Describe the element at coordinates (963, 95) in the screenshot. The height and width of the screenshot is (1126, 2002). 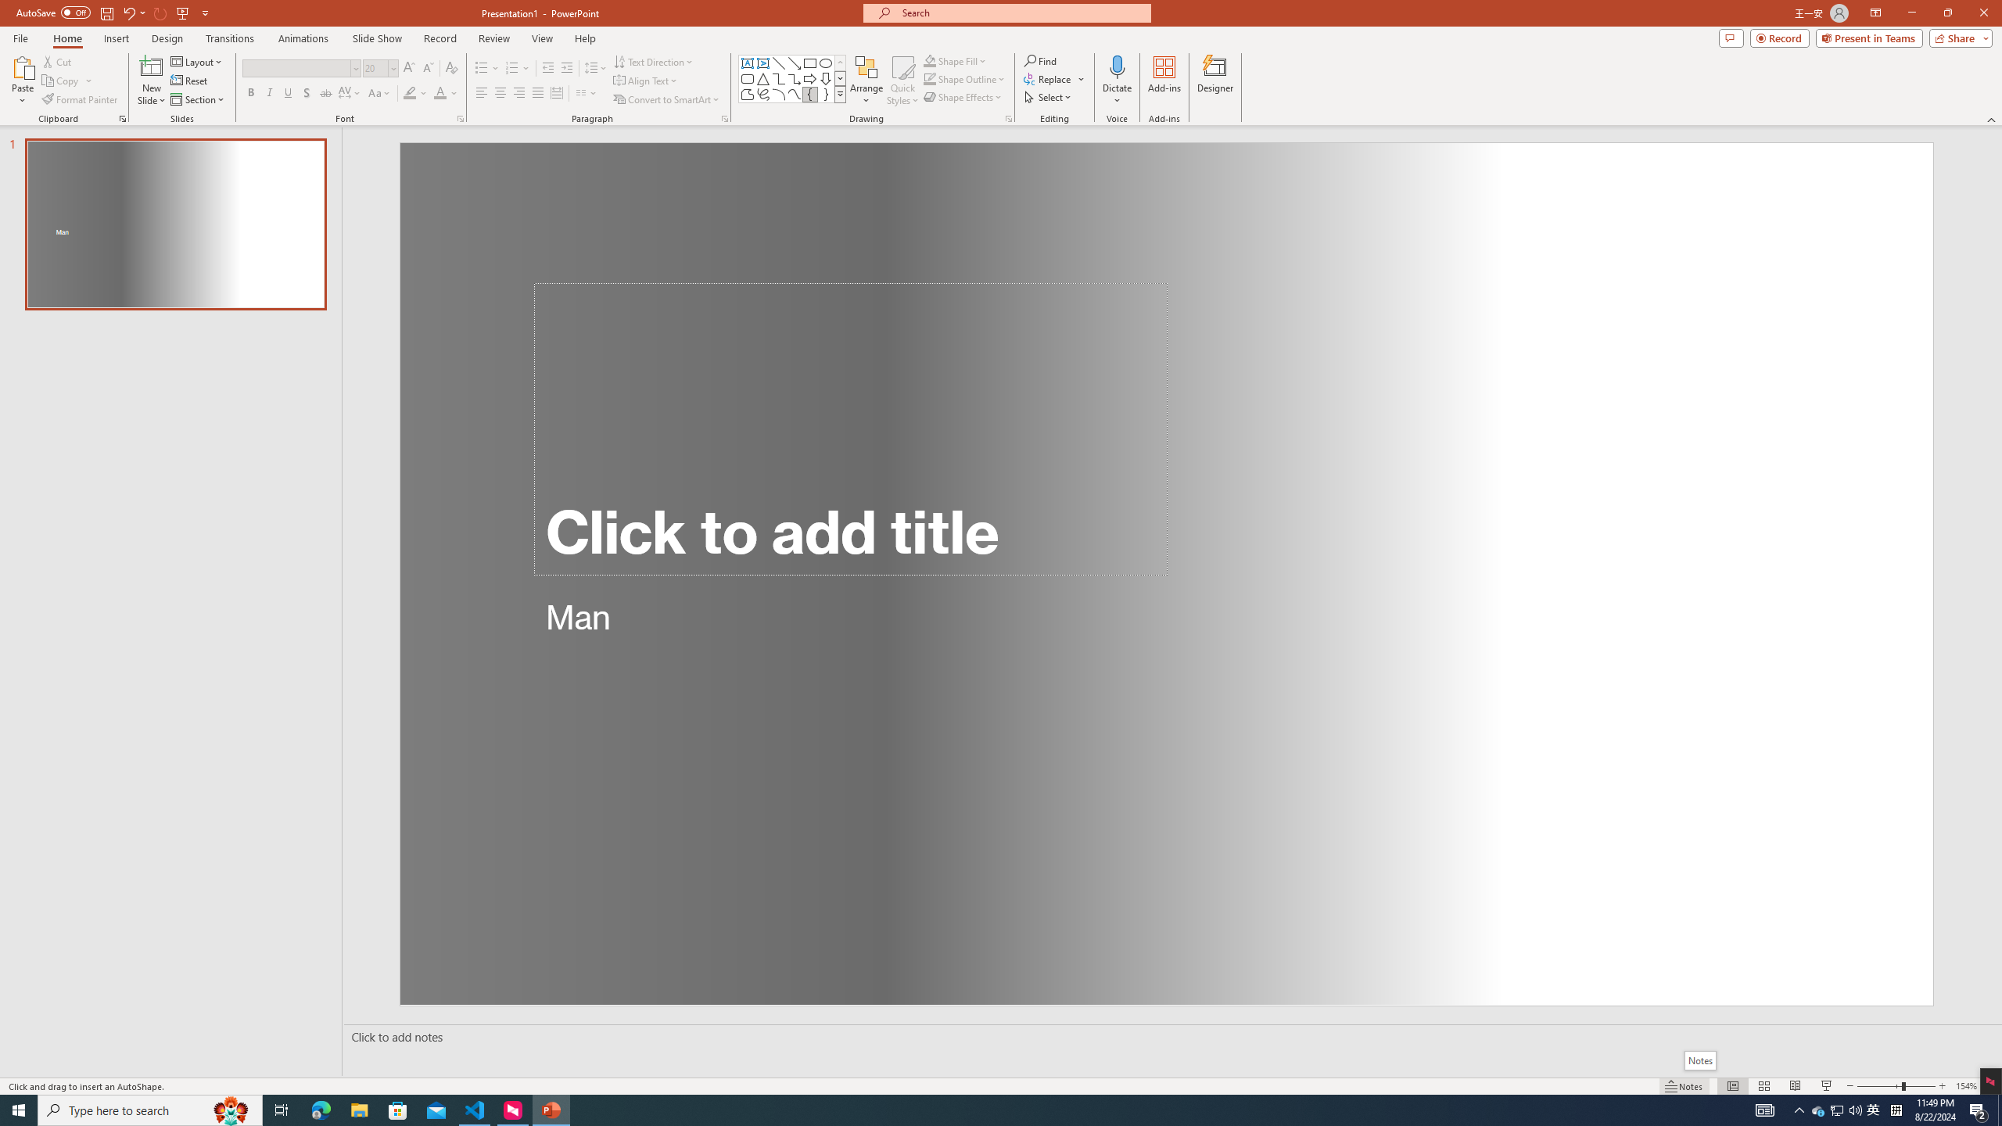
I see `'Shape Effects'` at that location.